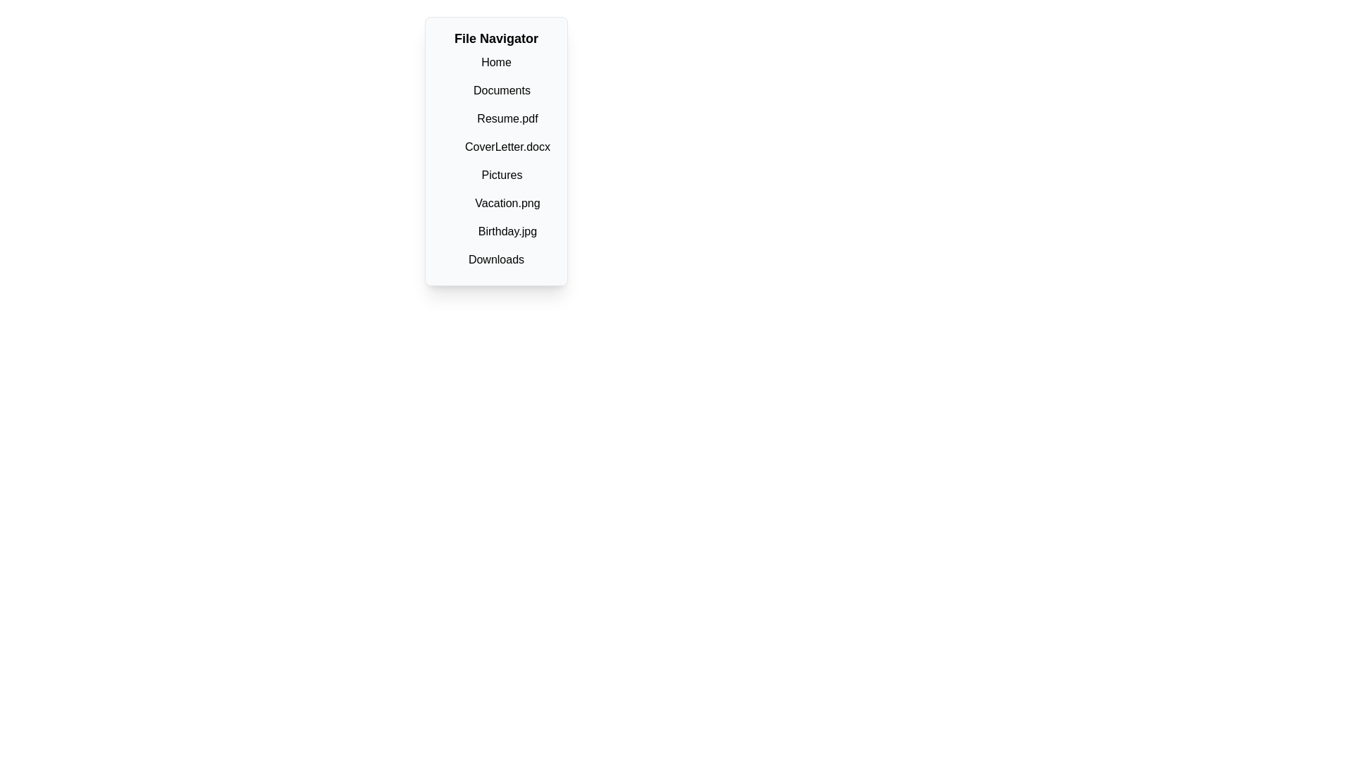 The width and height of the screenshot is (1353, 761). What do you see at coordinates (507, 230) in the screenshot?
I see `the text label representing the file 'Birthday.jpg'` at bounding box center [507, 230].